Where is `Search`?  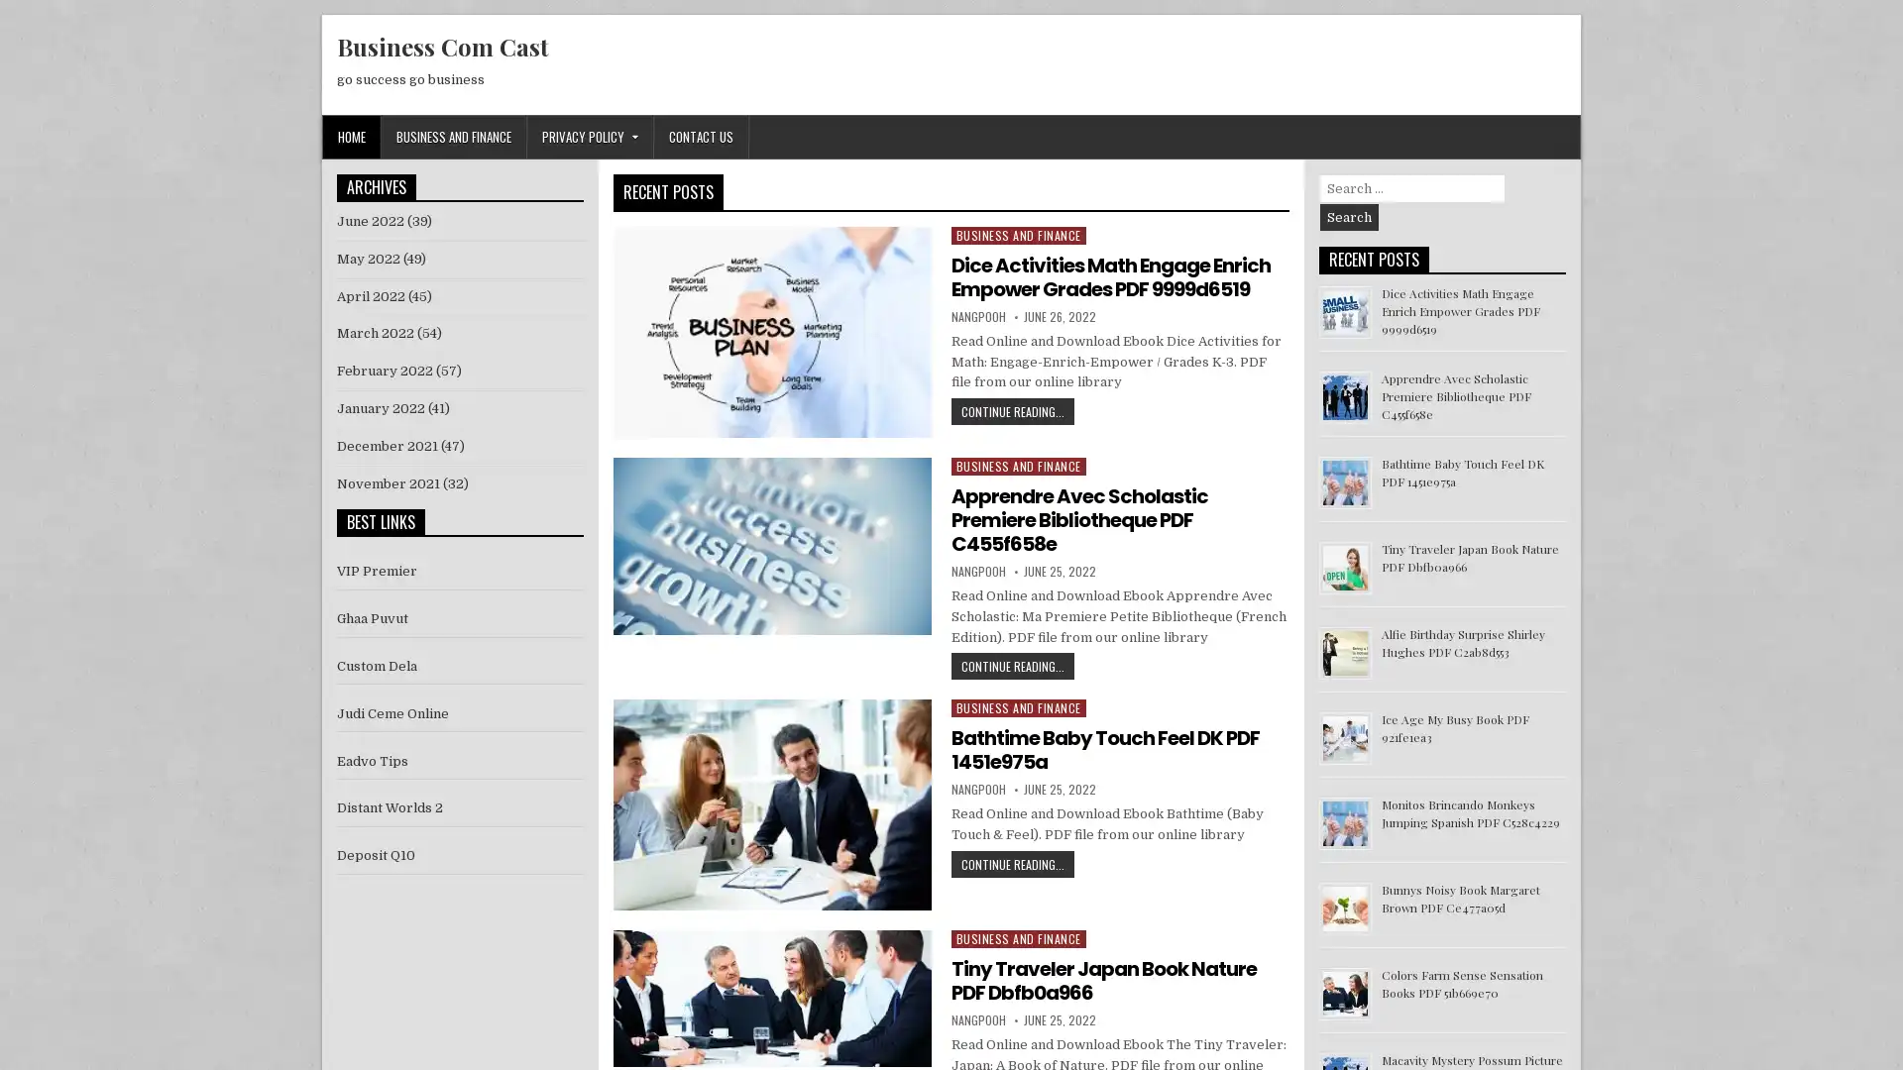
Search is located at coordinates (1348, 217).